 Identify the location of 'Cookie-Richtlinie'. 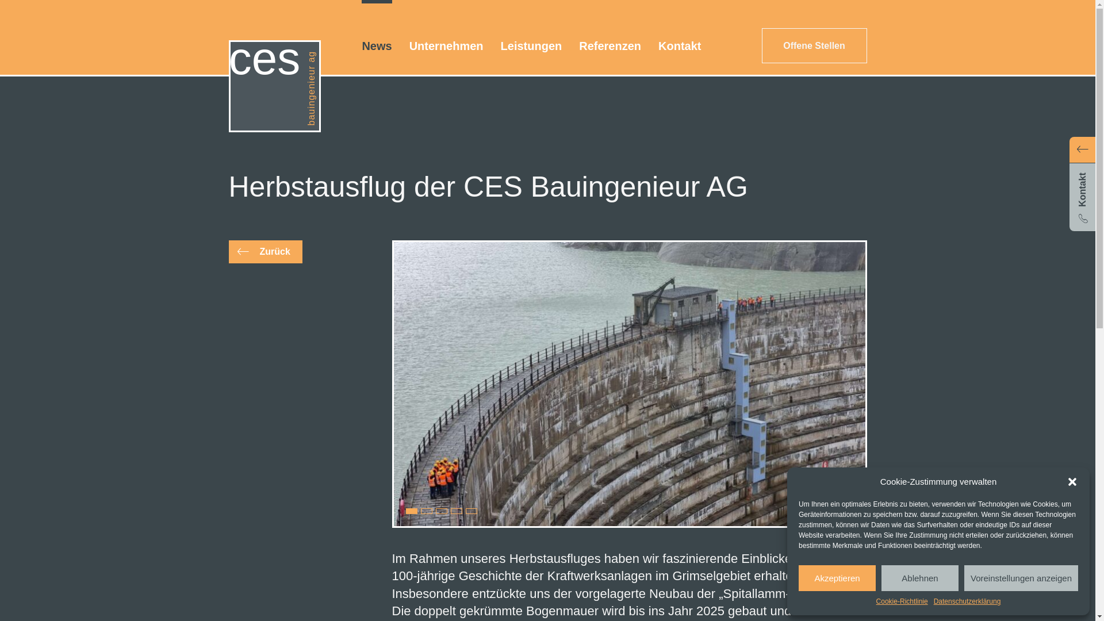
(902, 601).